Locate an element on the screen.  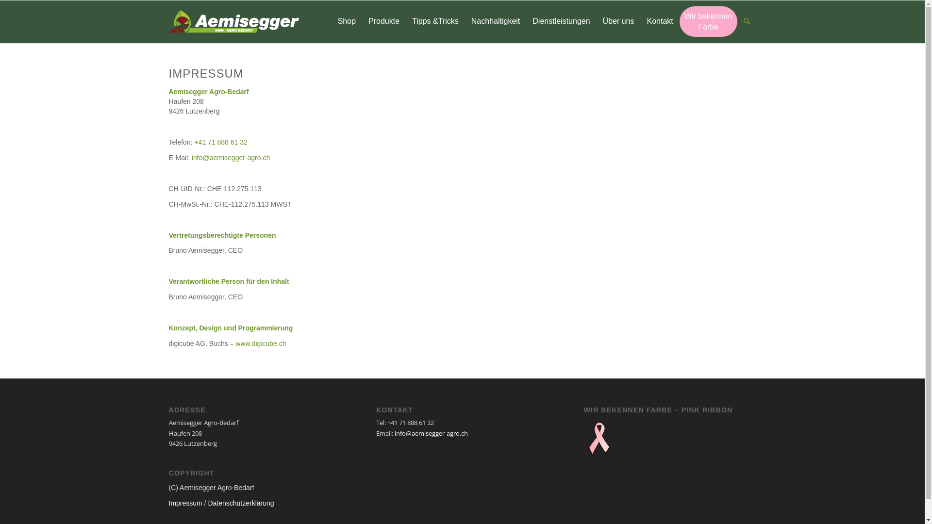
'Wir bekennen is located at coordinates (708, 21).